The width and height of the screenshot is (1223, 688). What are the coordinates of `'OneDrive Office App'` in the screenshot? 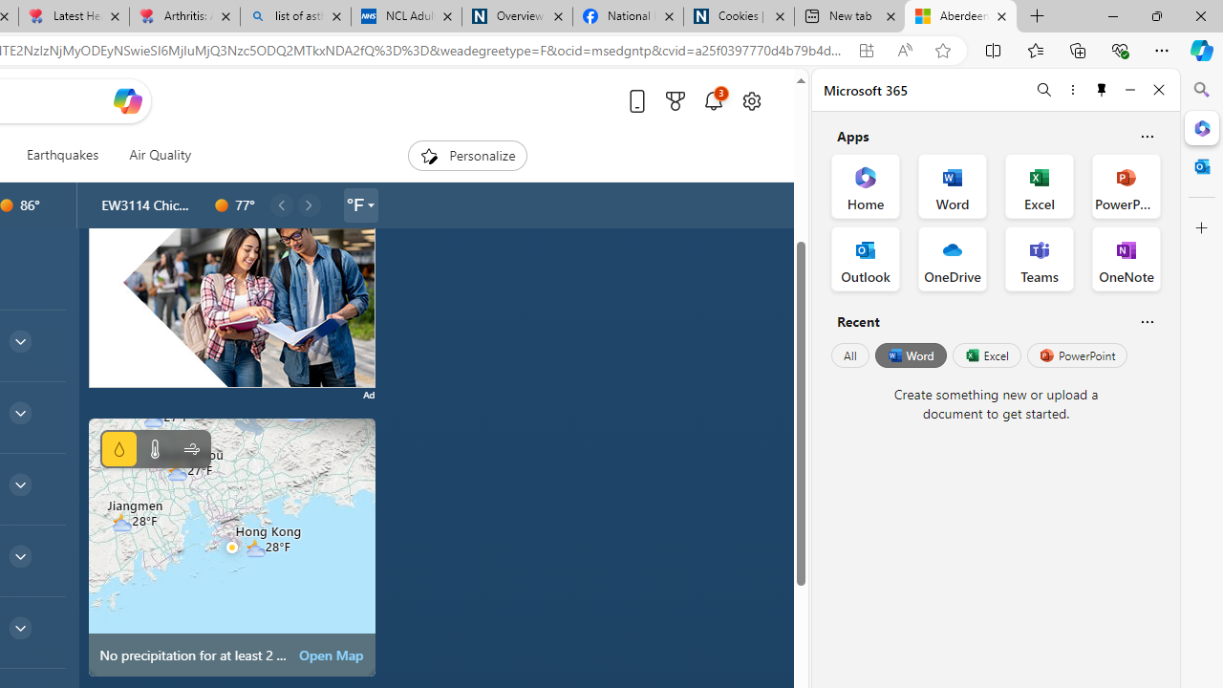 It's located at (953, 259).